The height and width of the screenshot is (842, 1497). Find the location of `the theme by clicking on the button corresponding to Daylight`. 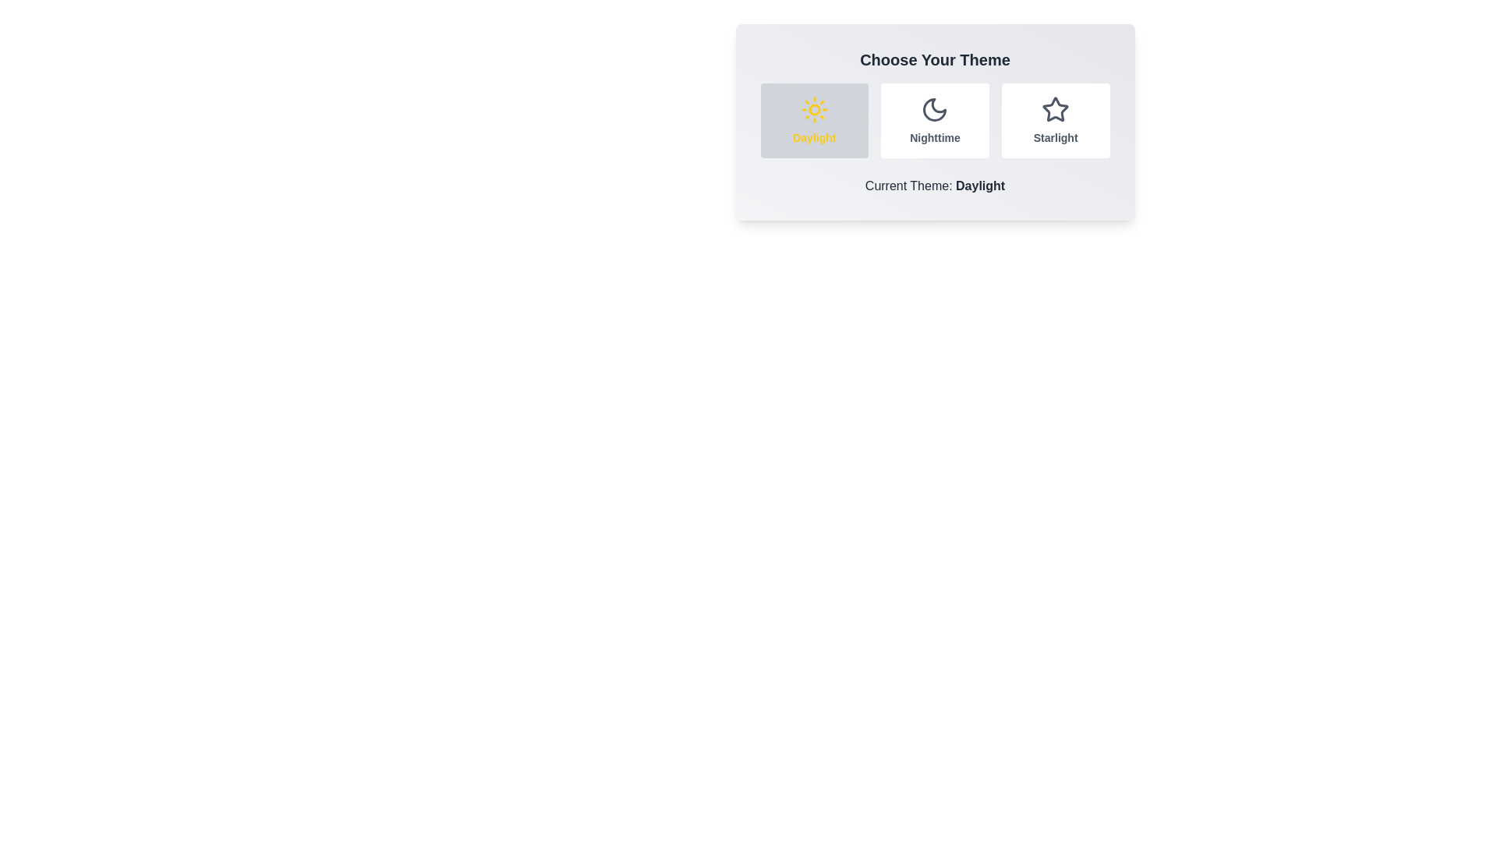

the theme by clicking on the button corresponding to Daylight is located at coordinates (813, 119).